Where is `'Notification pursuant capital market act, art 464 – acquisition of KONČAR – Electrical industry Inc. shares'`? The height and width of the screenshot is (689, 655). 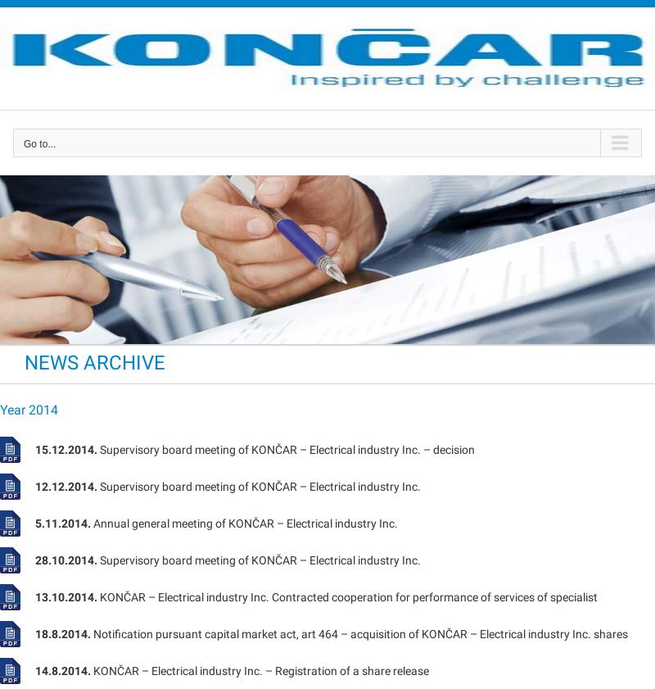
'Notification pursuant capital market act, art 464 – acquisition of KONČAR – Electrical industry Inc. shares' is located at coordinates (358, 632).